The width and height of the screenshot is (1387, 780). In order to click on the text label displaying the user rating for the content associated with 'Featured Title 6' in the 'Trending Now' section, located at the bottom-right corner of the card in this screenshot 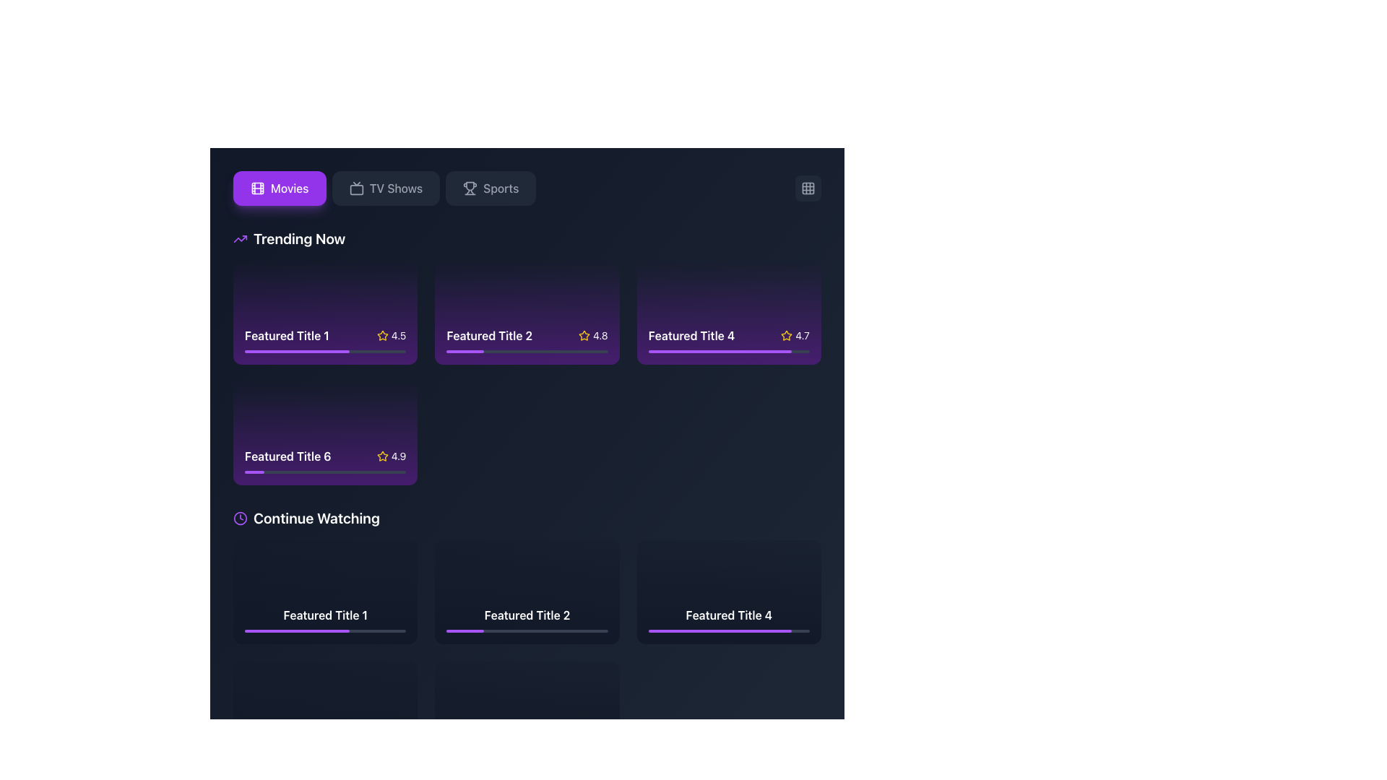, I will do `click(399, 456)`.